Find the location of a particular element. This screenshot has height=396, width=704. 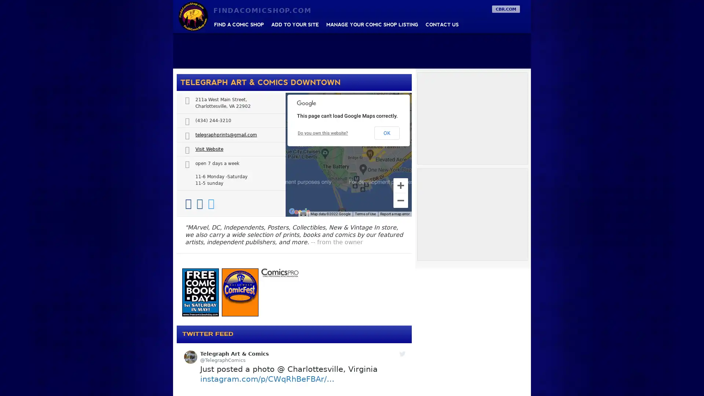

Zoom in is located at coordinates (400, 185).